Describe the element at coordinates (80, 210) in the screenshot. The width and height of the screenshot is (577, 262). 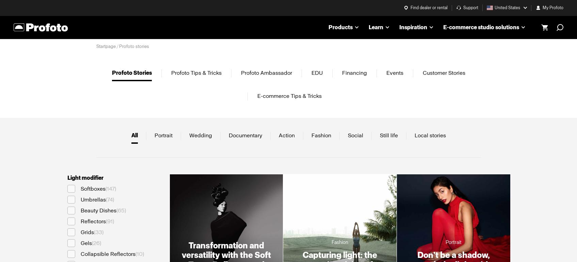
I see `'Beauty Dishes'` at that location.